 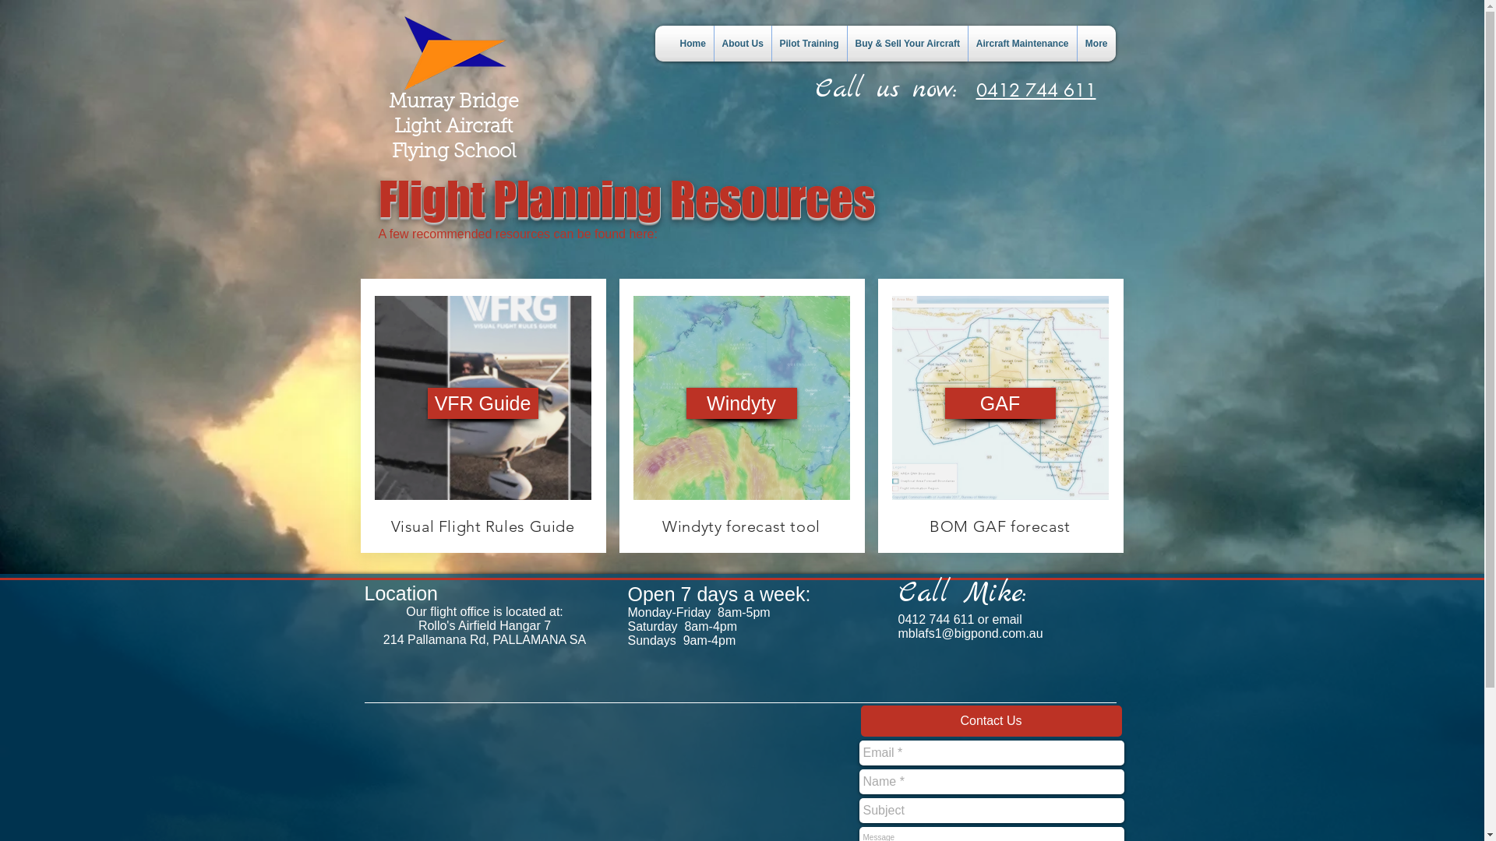 I want to click on '0412 744 611', so click(x=1036, y=90).